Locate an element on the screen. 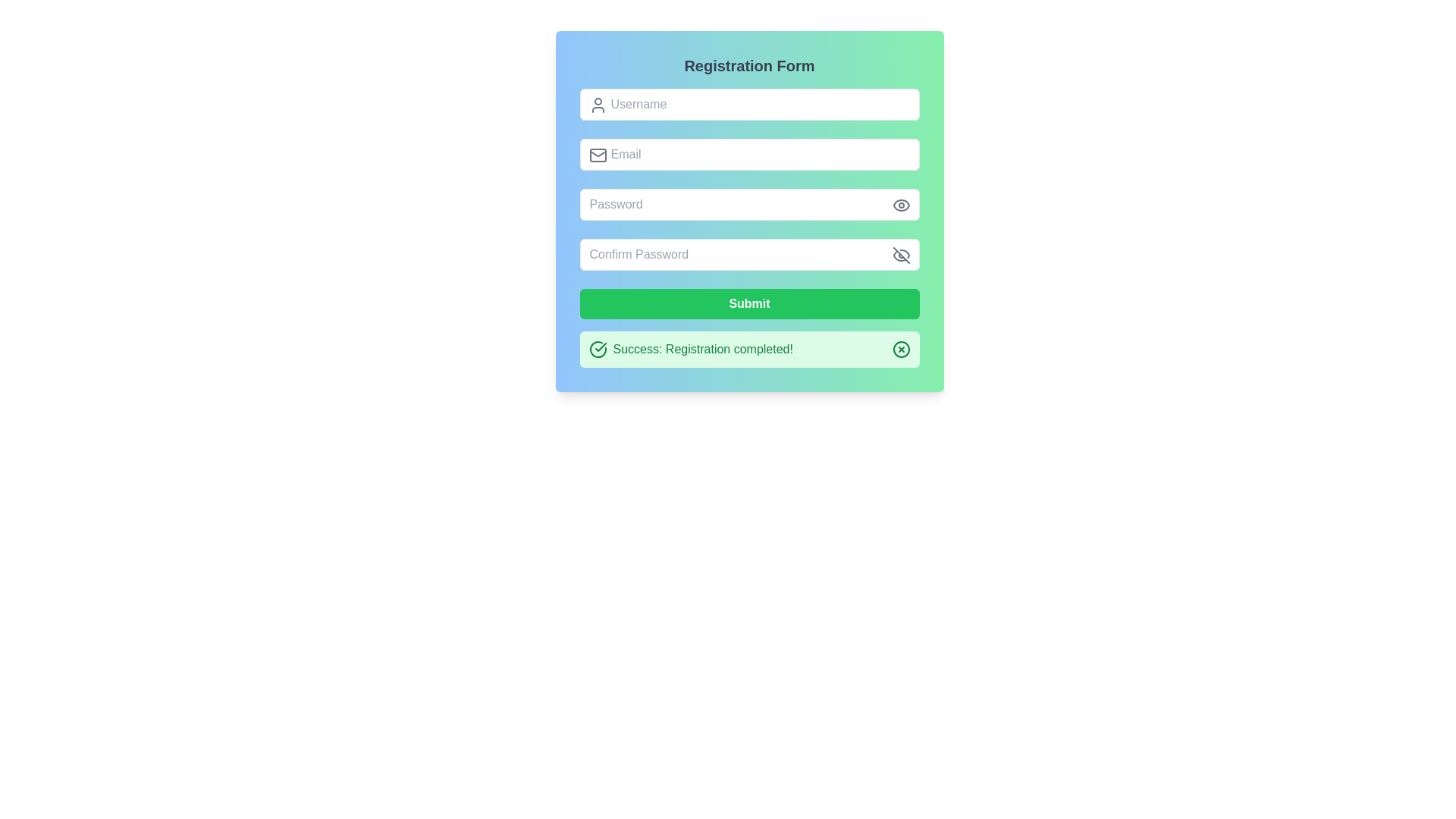  the password input field to focus for typing is located at coordinates (749, 205).